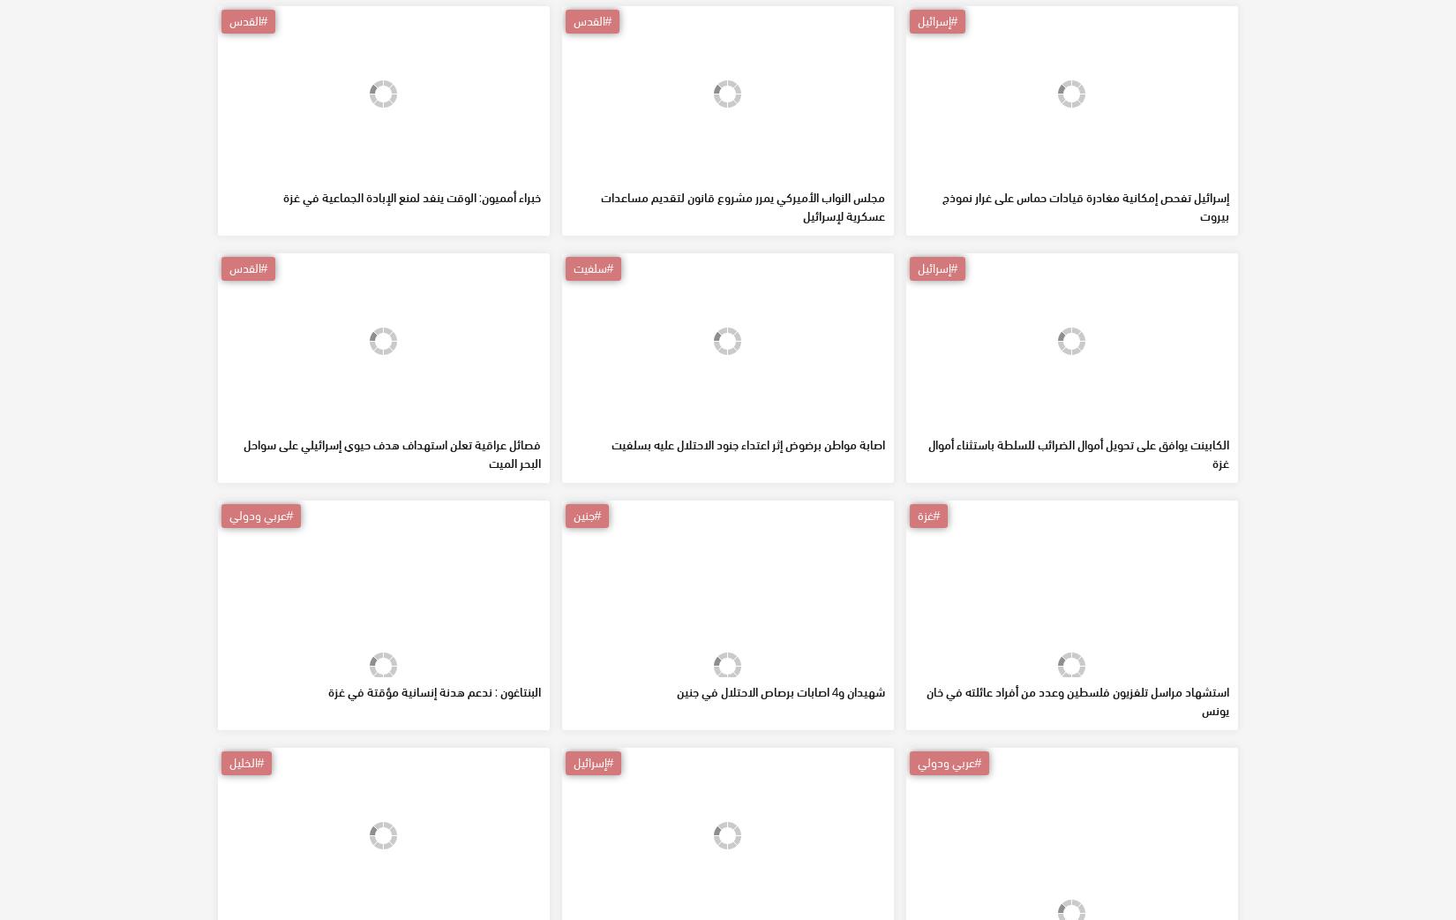 This screenshot has height=920, width=1456. What do you see at coordinates (928, 641) in the screenshot?
I see `'#غزة'` at bounding box center [928, 641].